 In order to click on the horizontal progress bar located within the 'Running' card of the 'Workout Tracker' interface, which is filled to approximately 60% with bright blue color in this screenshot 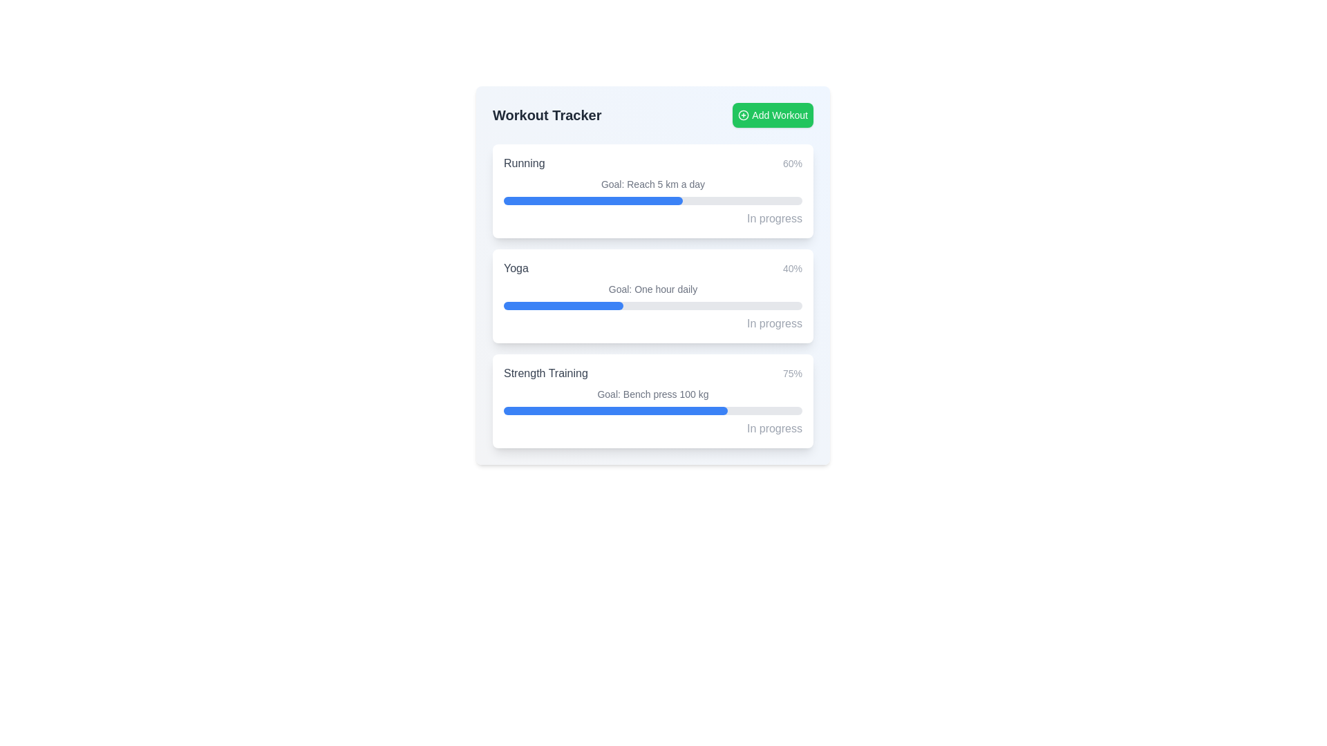, I will do `click(652, 200)`.